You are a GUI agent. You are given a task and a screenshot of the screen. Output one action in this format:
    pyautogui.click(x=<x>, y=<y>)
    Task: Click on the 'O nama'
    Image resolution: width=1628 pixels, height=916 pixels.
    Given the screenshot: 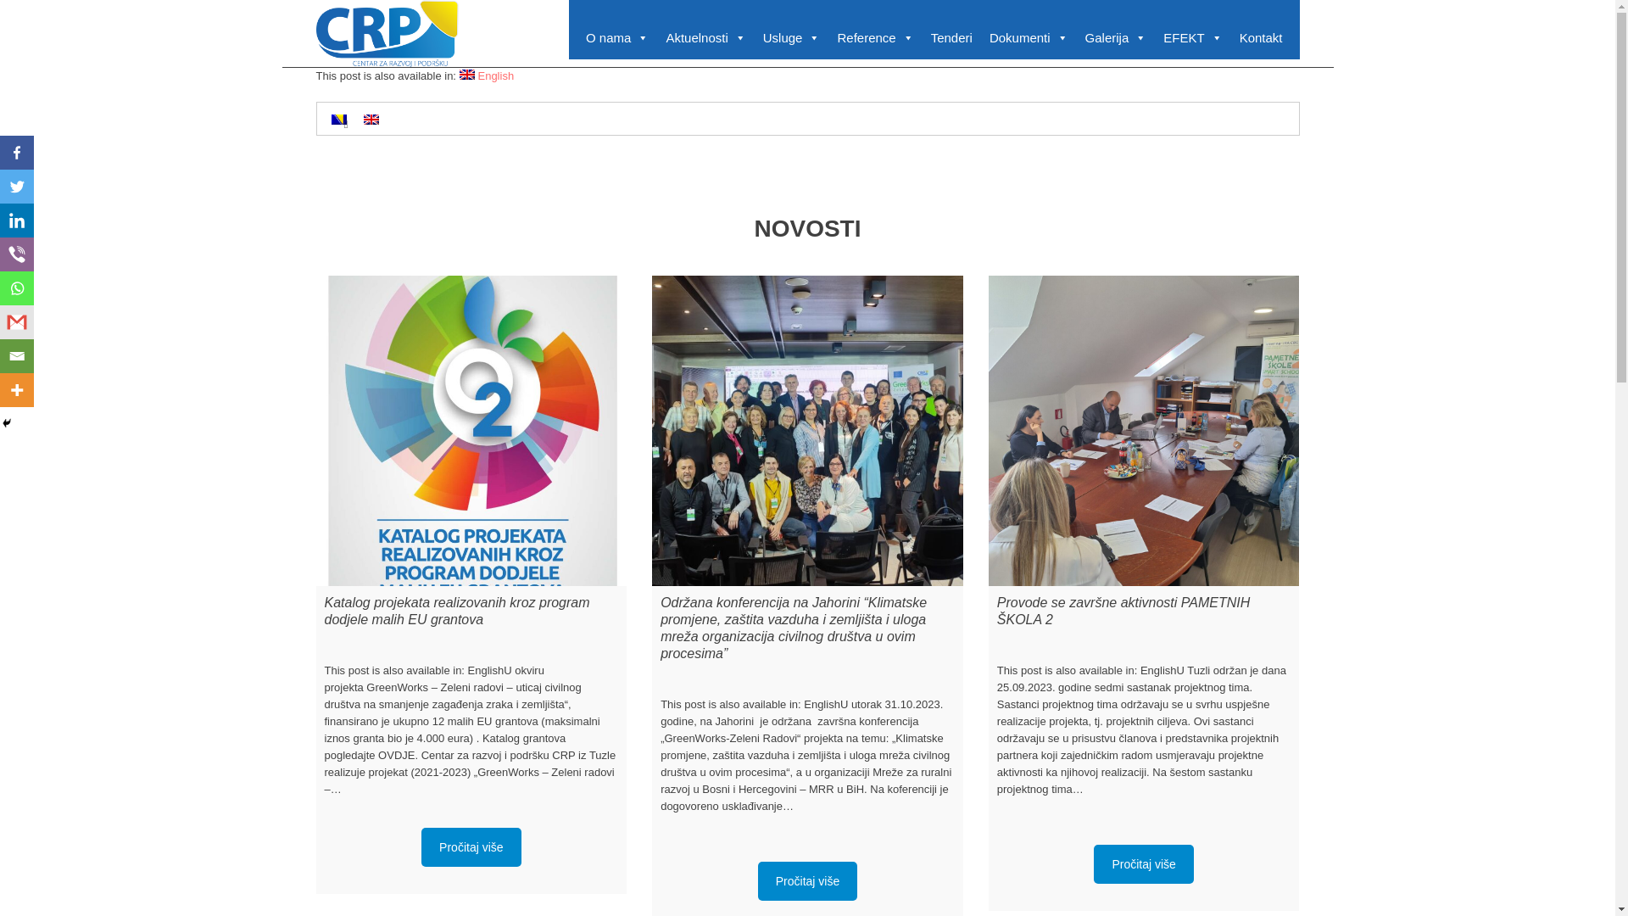 What is the action you would take?
    pyautogui.click(x=616, y=38)
    